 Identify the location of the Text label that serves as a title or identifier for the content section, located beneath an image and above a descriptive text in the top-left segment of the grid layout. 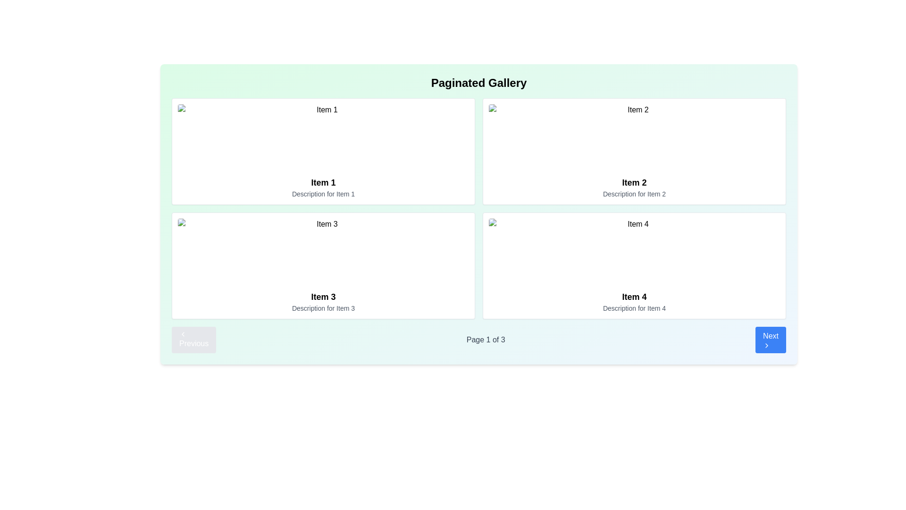
(323, 182).